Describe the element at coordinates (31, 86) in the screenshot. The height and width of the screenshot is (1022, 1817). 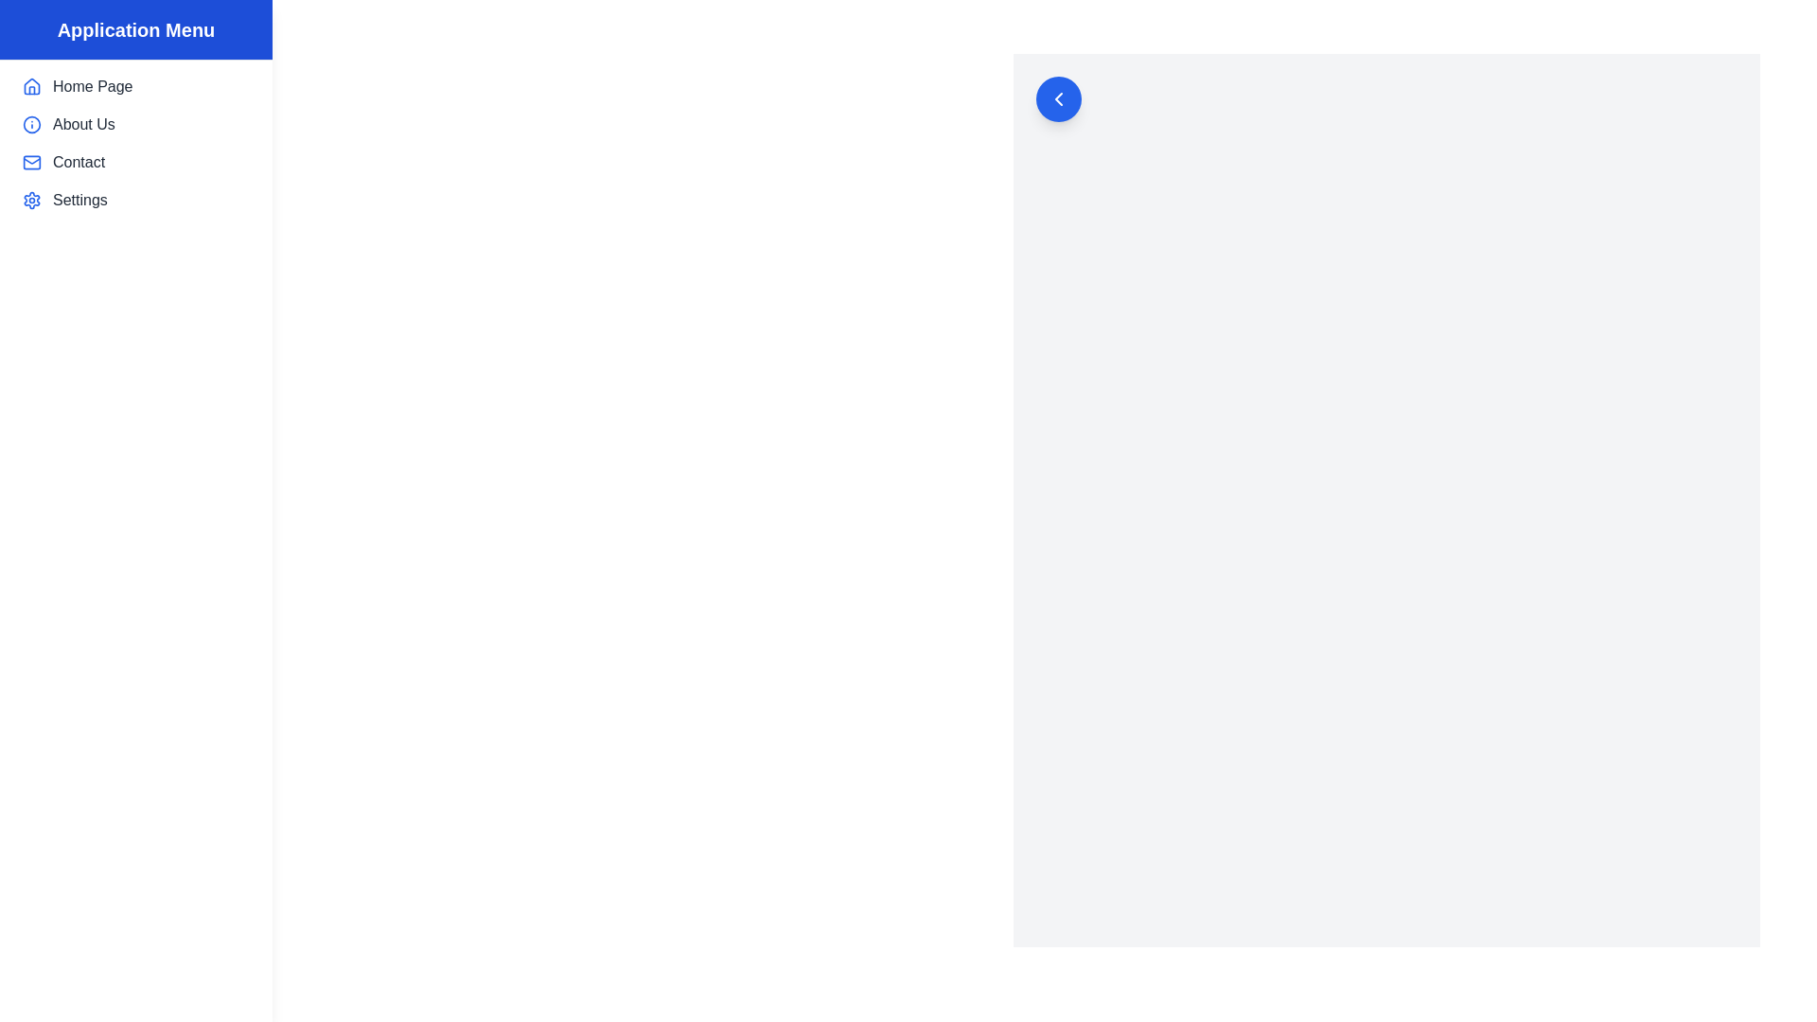
I see `the house-shaped SVG icon in the menu section labeled 'Home Page', which has a blue outline and is the first item in the list` at that location.